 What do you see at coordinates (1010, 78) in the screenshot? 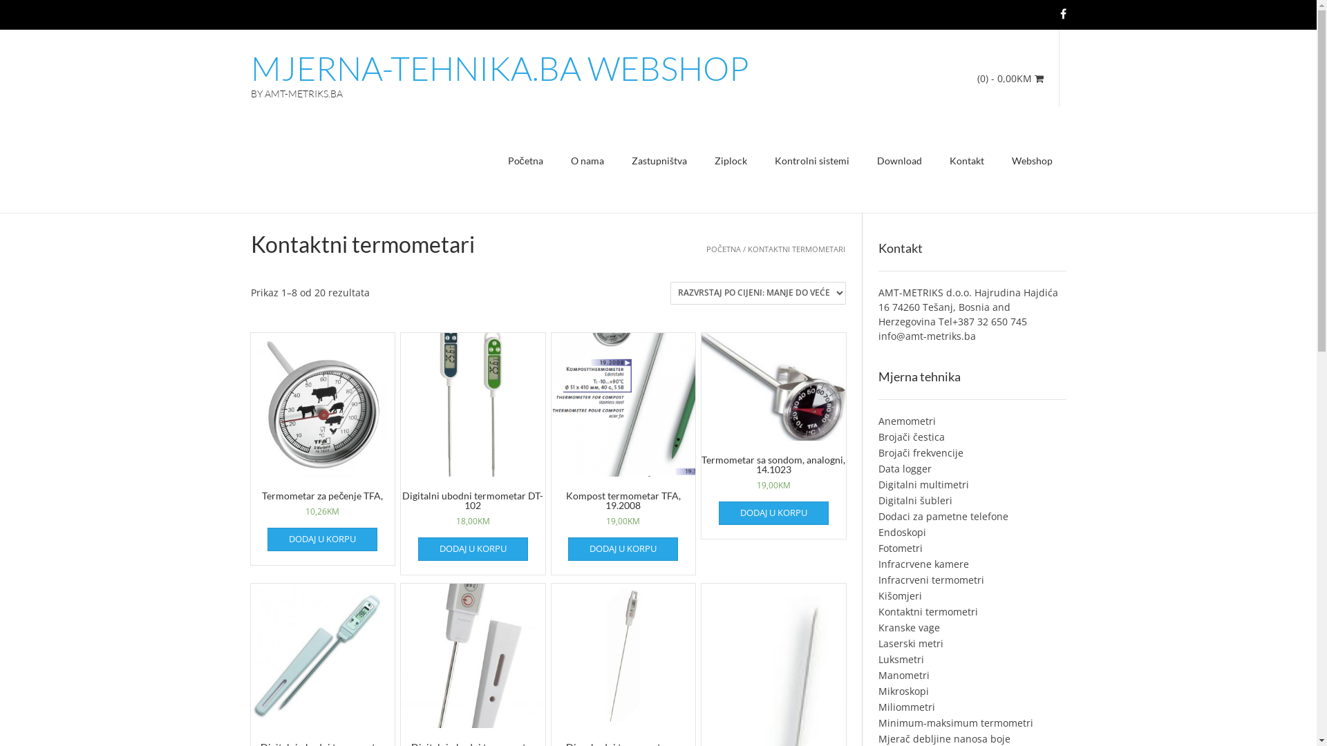
I see `'(0) - 0,00KM'` at bounding box center [1010, 78].